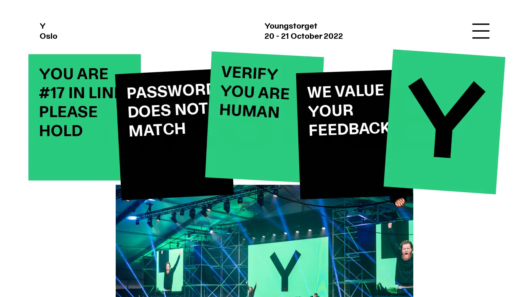  What do you see at coordinates (264, 117) in the screenshot?
I see `VERIFY YOU ARE HUMAN` at bounding box center [264, 117].